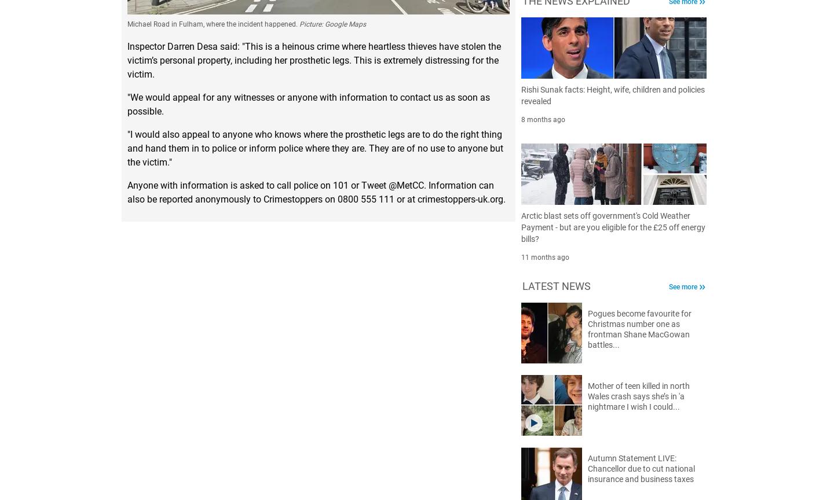  Describe the element at coordinates (613, 227) in the screenshot. I see `'Arctic blast sets off government's Cold Weather Payment - but are you eligible for the £25 off energy bills?'` at that location.